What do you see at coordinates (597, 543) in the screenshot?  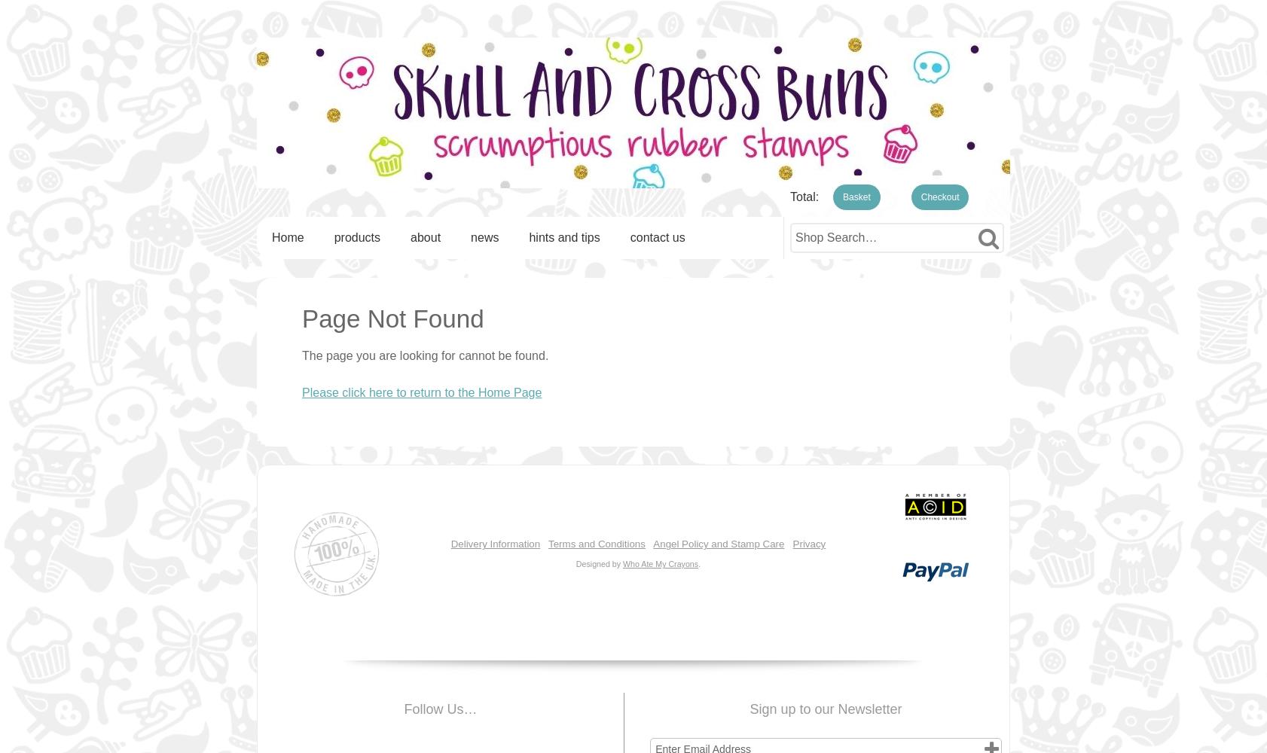 I see `'Terms and Conditions'` at bounding box center [597, 543].